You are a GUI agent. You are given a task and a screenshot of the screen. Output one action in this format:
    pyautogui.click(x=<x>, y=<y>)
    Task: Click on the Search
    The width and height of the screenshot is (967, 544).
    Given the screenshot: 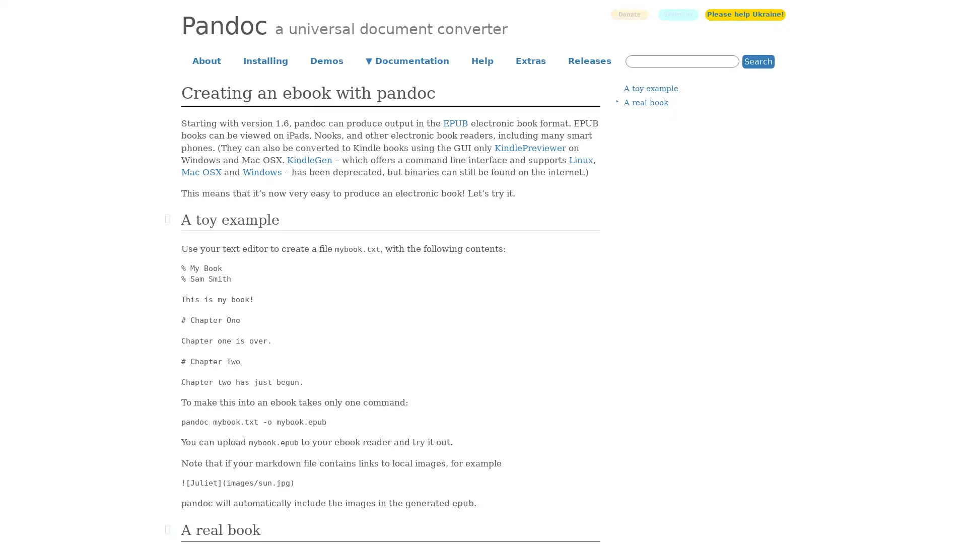 What is the action you would take?
    pyautogui.click(x=758, y=61)
    